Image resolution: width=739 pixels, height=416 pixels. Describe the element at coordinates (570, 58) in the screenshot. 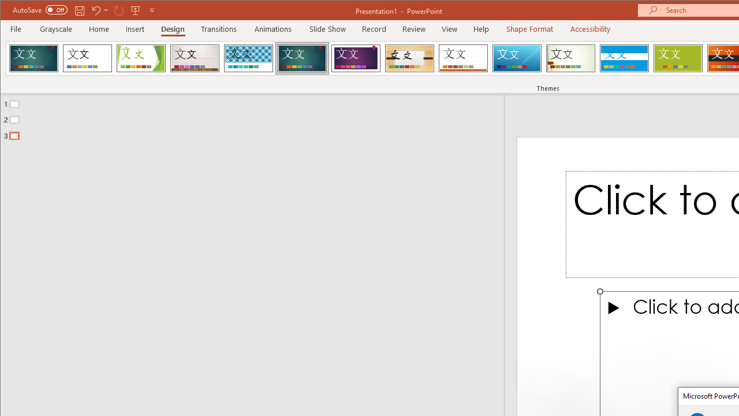

I see `'Wisp'` at that location.